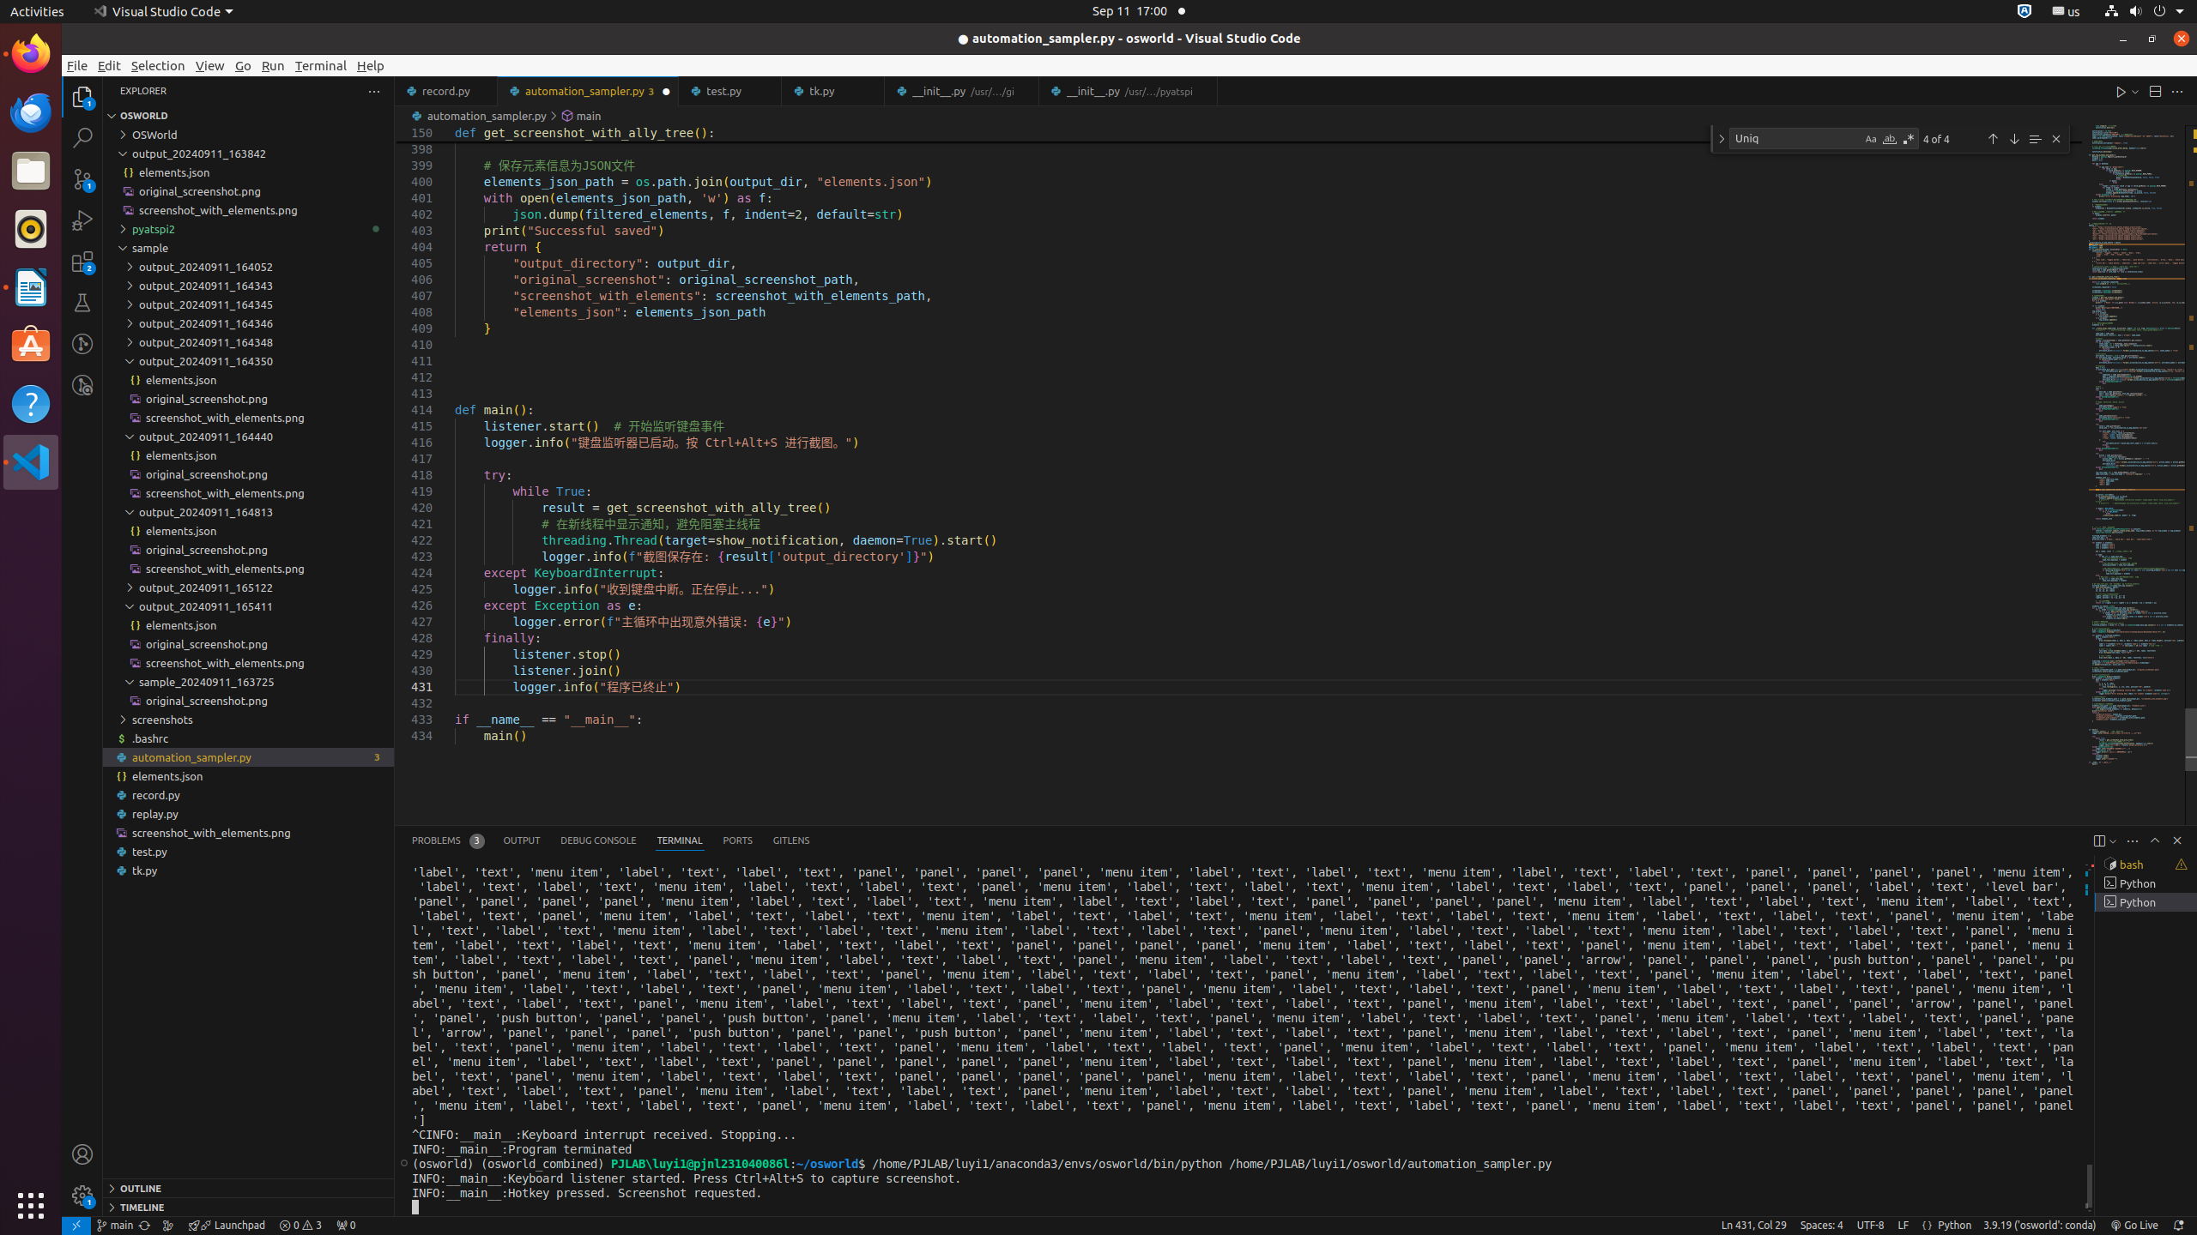  What do you see at coordinates (31, 52) in the screenshot?
I see `'Firefox Web Browser'` at bounding box center [31, 52].